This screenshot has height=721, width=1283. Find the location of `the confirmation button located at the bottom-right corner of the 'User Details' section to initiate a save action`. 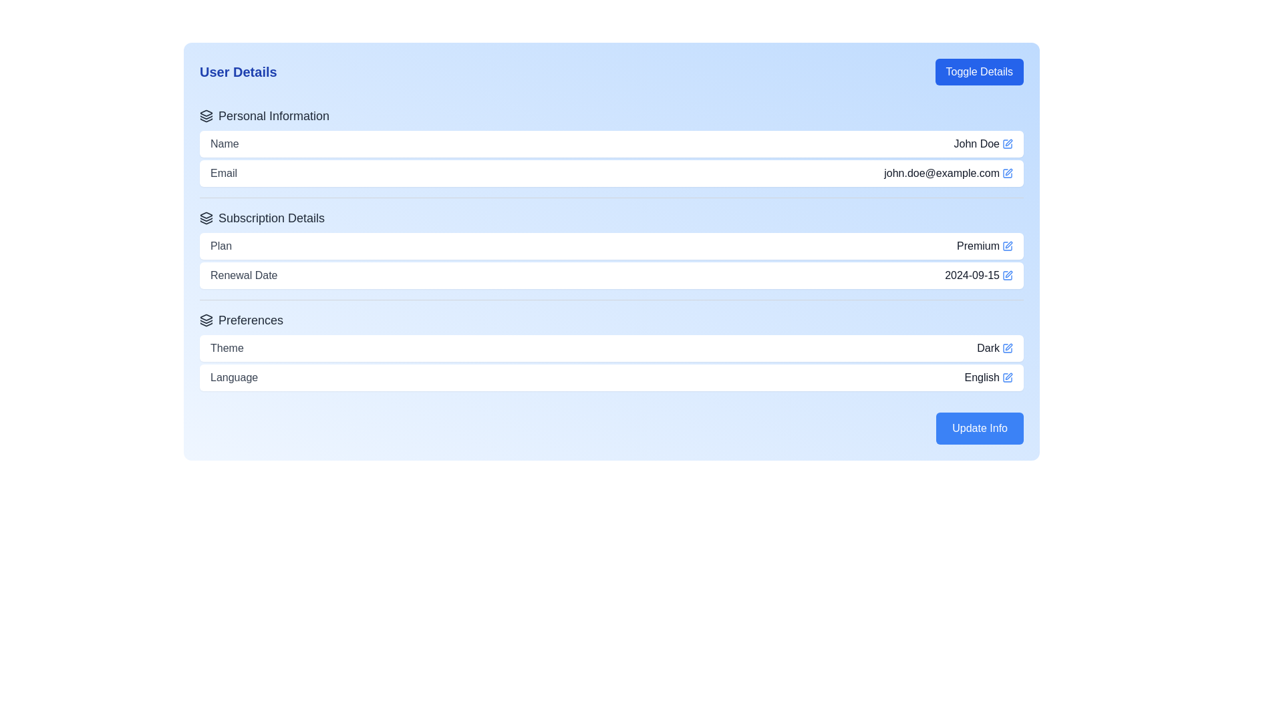

the confirmation button located at the bottom-right corner of the 'User Details' section to initiate a save action is located at coordinates (611, 428).